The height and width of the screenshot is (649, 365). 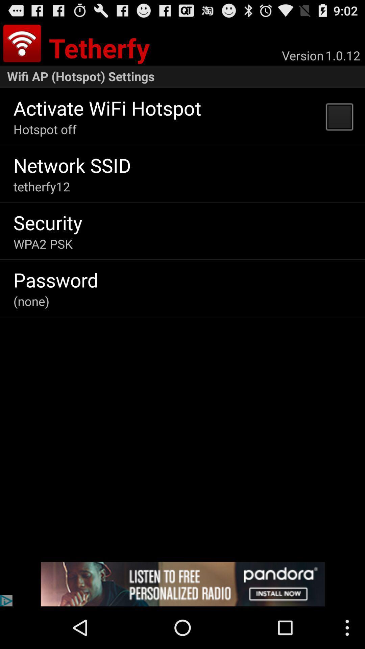 What do you see at coordinates (43, 243) in the screenshot?
I see `the wpa2 psk app` at bounding box center [43, 243].